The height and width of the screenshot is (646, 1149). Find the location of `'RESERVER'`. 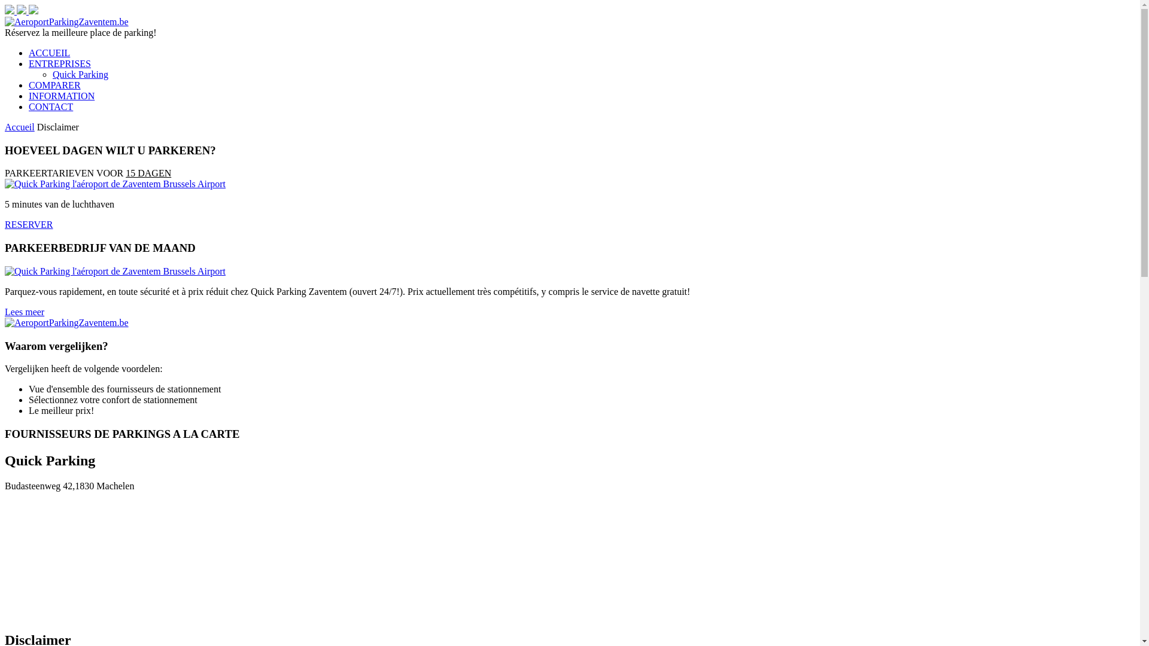

'RESERVER' is located at coordinates (5, 224).